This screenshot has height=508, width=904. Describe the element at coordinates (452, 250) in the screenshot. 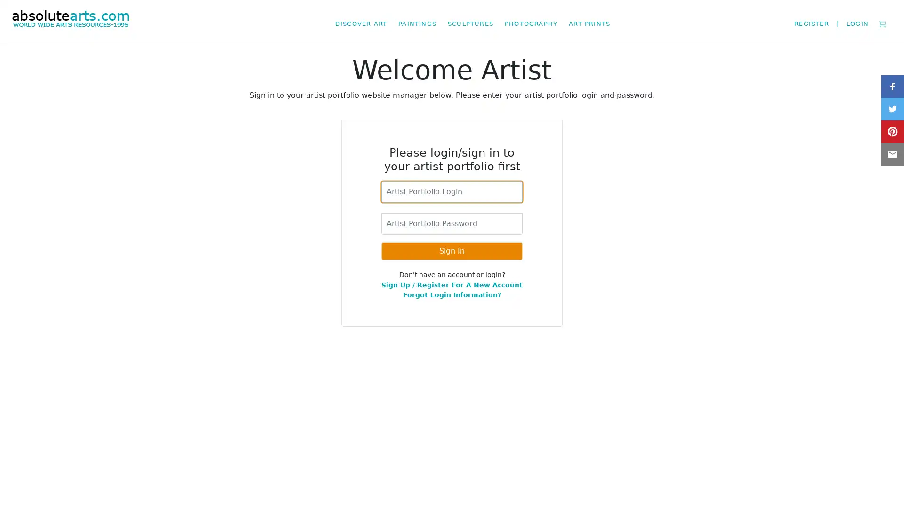

I see `Sign In` at that location.